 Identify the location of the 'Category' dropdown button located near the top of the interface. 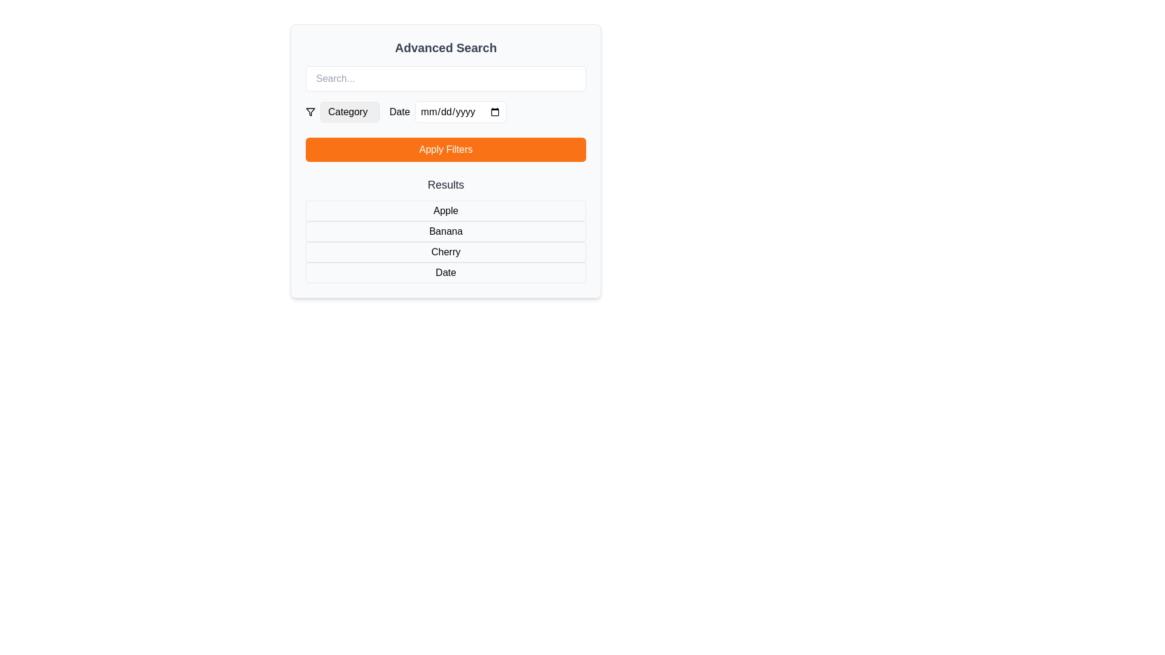
(349, 112).